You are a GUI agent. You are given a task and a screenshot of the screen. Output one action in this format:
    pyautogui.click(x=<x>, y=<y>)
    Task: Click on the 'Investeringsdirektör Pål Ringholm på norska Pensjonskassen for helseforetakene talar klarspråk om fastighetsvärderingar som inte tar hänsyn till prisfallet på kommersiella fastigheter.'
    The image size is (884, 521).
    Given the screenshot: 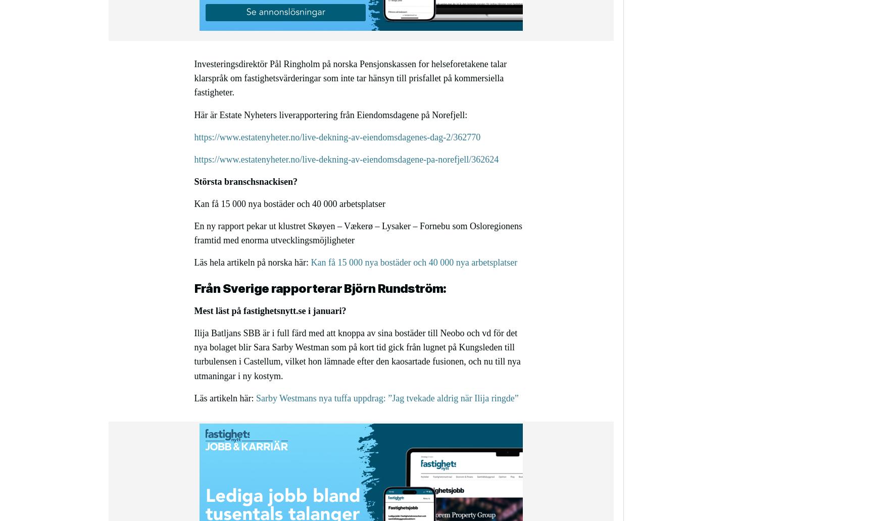 What is the action you would take?
    pyautogui.click(x=350, y=78)
    